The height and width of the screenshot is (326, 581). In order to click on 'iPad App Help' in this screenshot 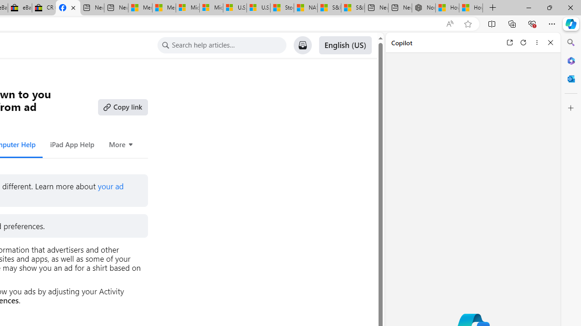, I will do `click(71, 144)`.